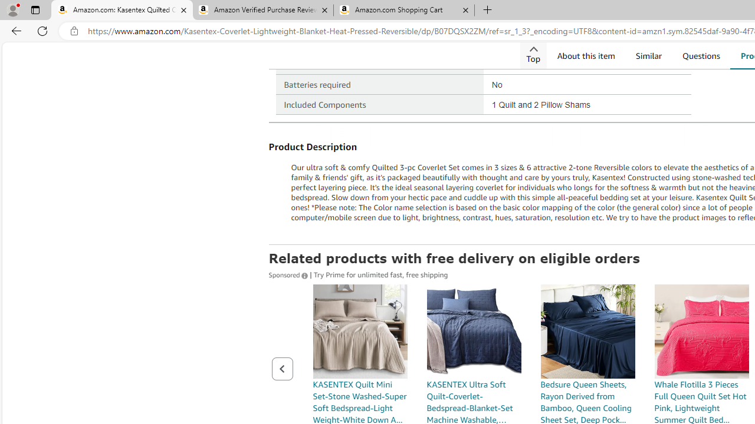  Describe the element at coordinates (701, 55) in the screenshot. I see `'Questions'` at that location.